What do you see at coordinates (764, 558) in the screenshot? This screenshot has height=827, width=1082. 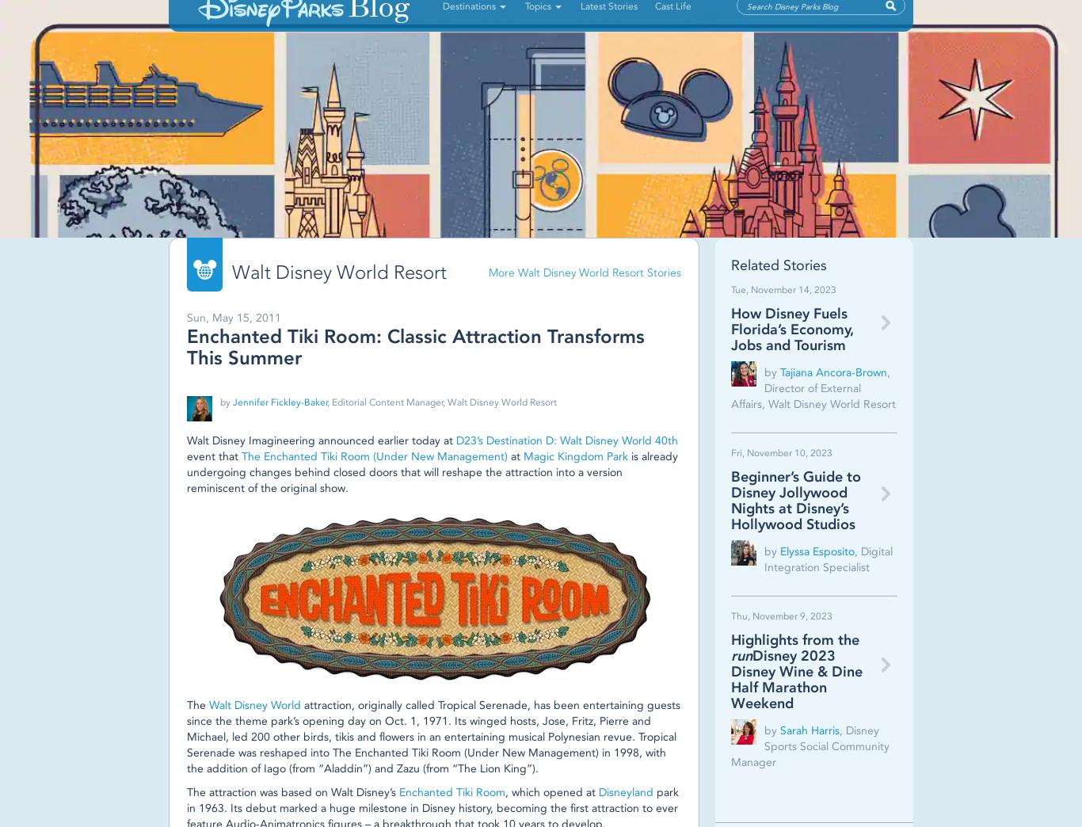 I see `', Digital Integration Specialist'` at bounding box center [764, 558].